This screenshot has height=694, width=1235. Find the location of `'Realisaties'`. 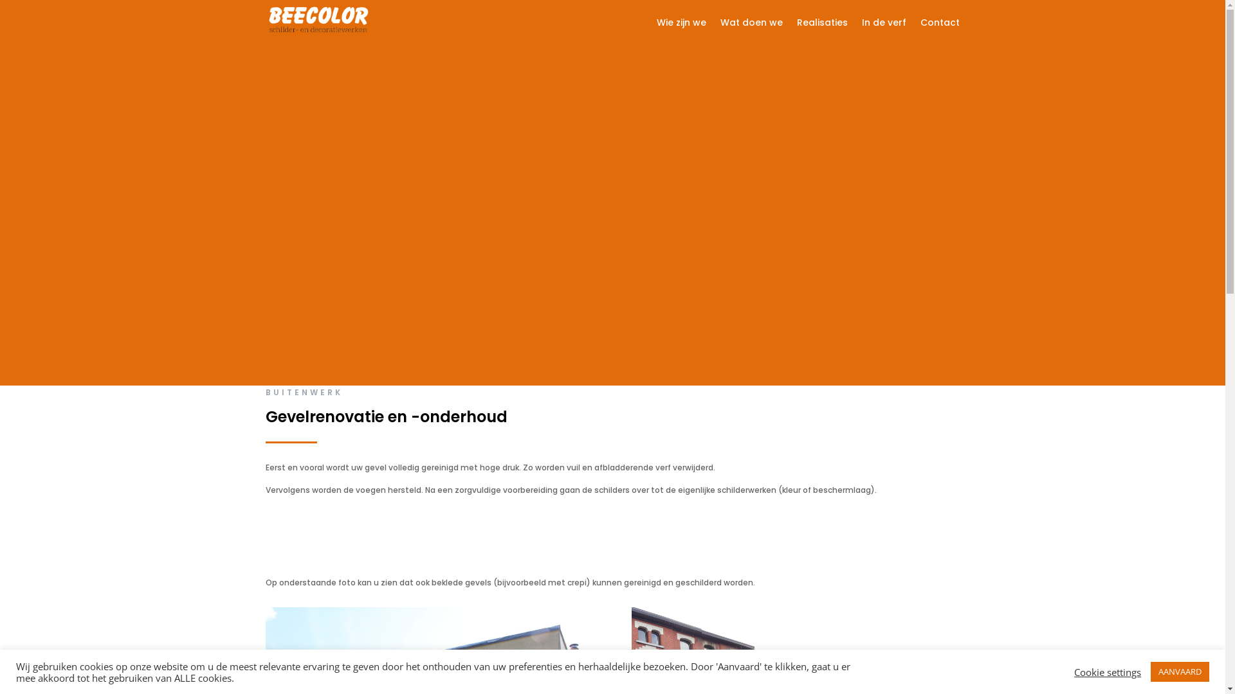

'Realisaties' is located at coordinates (821, 24).